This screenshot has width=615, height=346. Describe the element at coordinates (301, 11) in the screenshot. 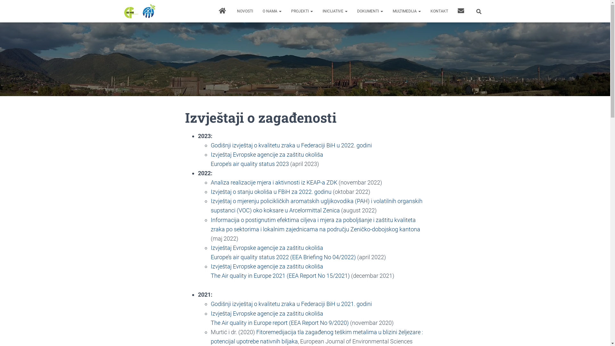

I see `'PROJEKTI'` at that location.